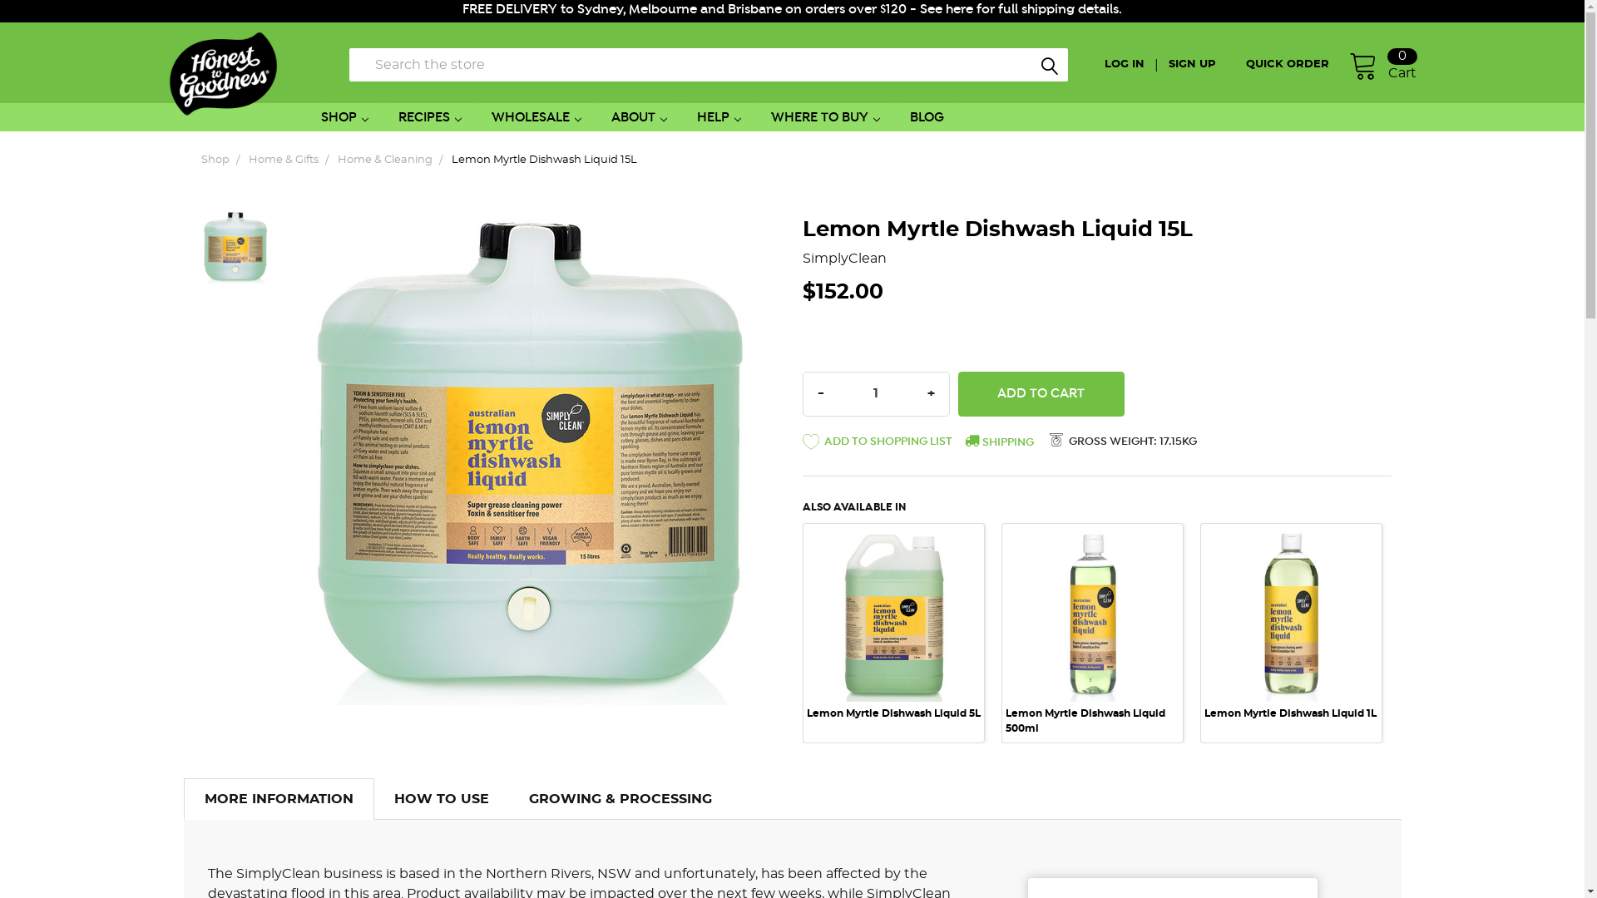 Image resolution: width=1597 pixels, height=898 pixels. Describe the element at coordinates (619, 797) in the screenshot. I see `'GROWING & PROCESSING'` at that location.